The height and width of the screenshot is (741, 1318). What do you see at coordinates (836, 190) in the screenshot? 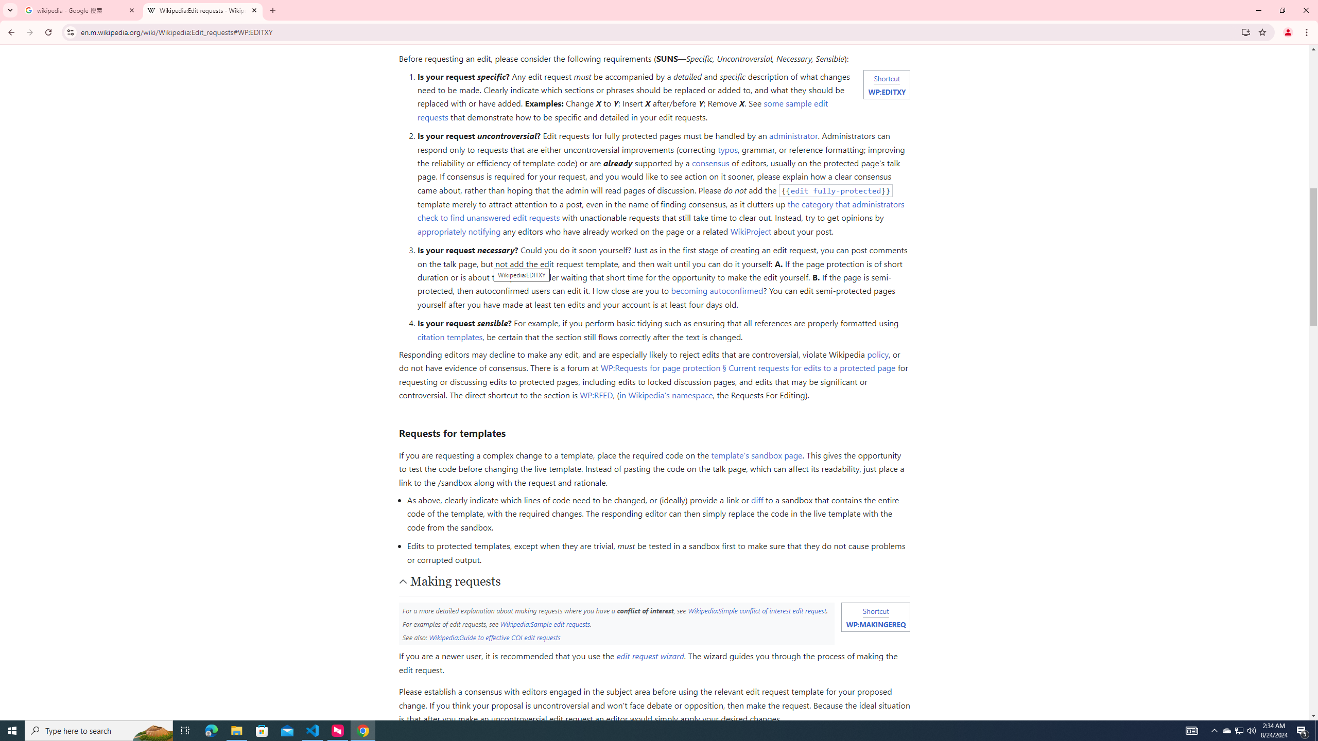
I see `'edit fully-protected'` at bounding box center [836, 190].